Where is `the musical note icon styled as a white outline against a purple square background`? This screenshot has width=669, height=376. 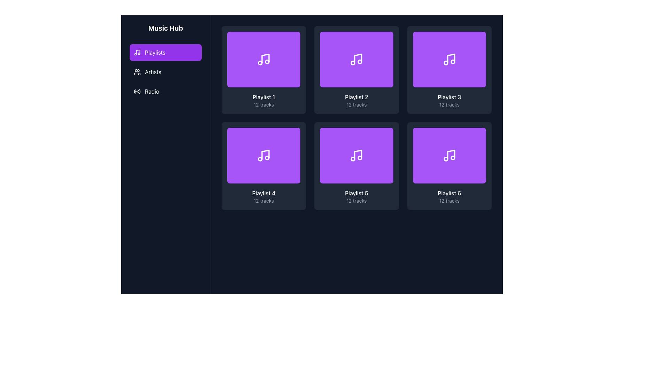
the musical note icon styled as a white outline against a purple square background is located at coordinates (449, 155).